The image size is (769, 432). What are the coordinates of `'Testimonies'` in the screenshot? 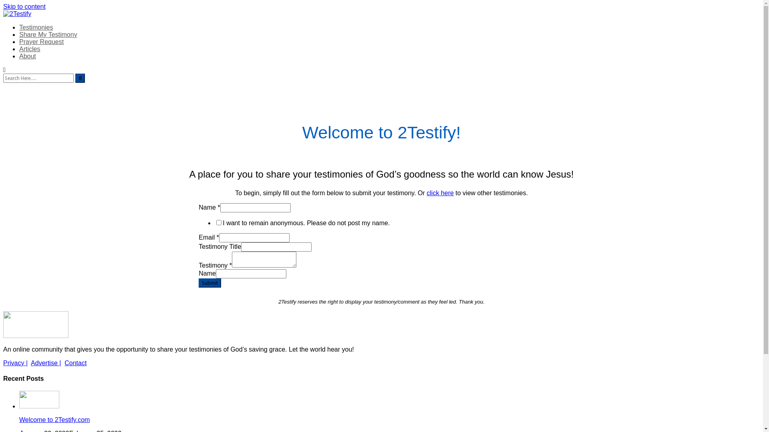 It's located at (36, 27).